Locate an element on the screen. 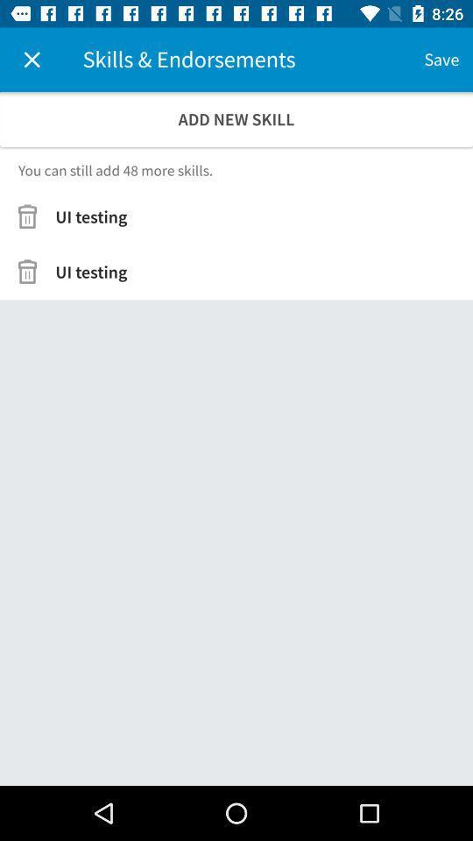 This screenshot has height=841, width=473. icon to the left of the skills & endorsements icon is located at coordinates (32, 60).